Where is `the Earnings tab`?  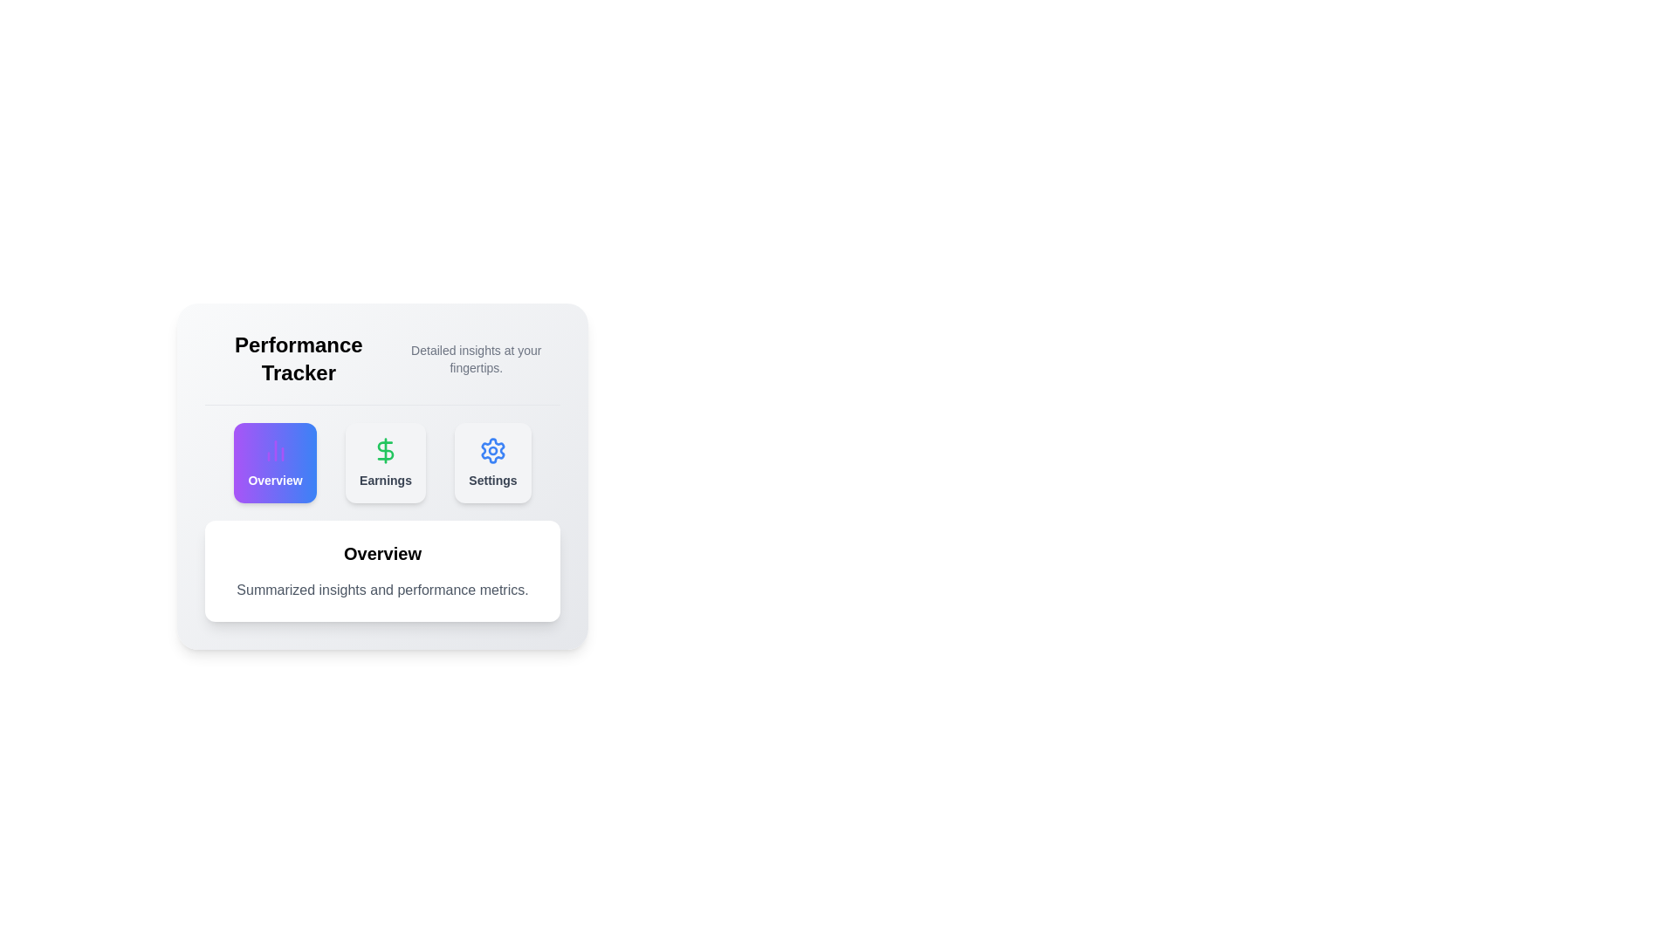
the Earnings tab is located at coordinates (384, 462).